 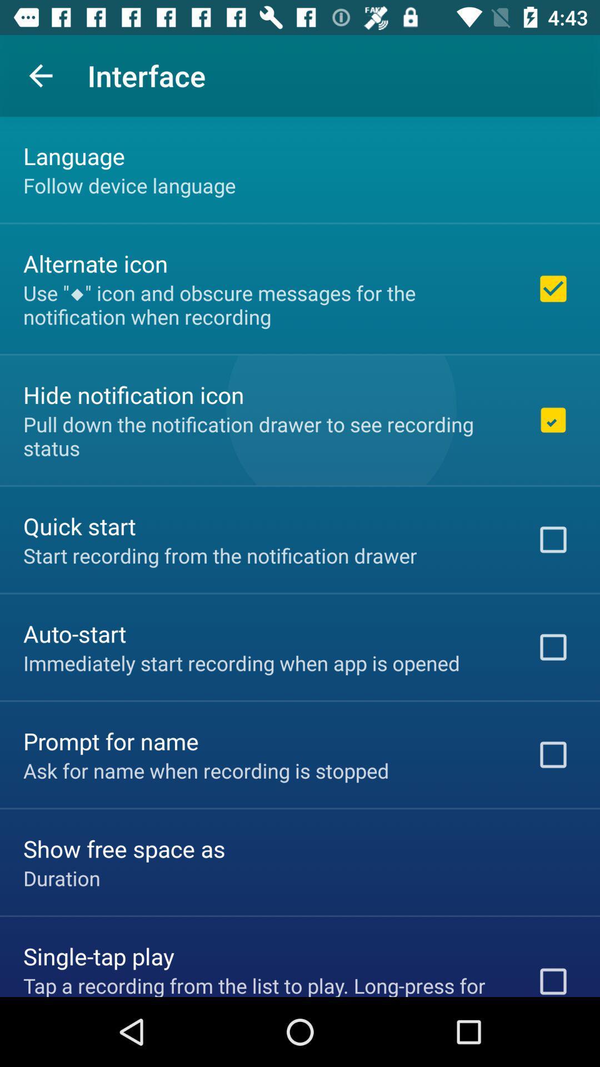 What do you see at coordinates (553, 976) in the screenshot?
I see `the square button at bottom right corner of the page` at bounding box center [553, 976].